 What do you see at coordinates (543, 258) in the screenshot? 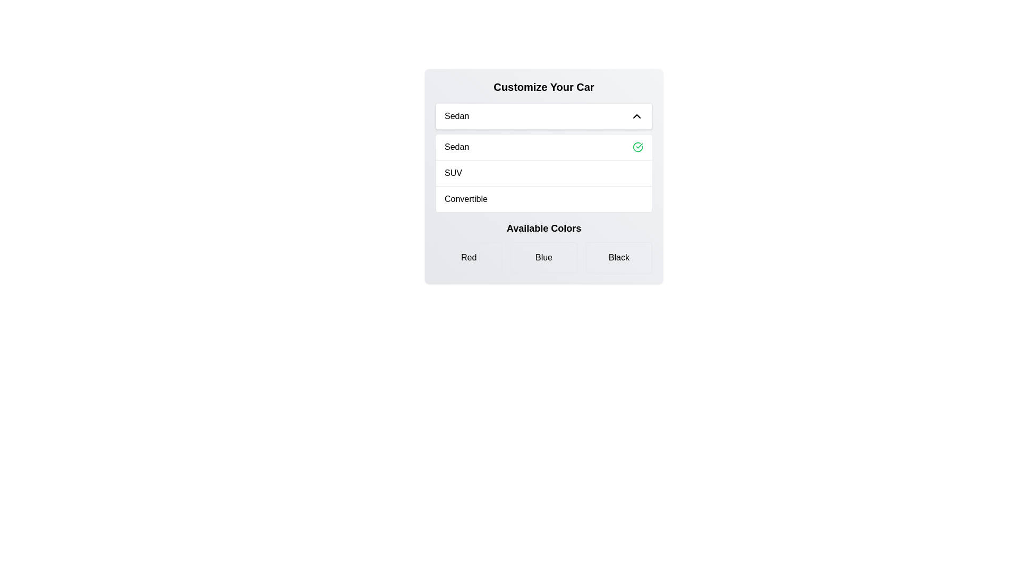
I see `the 'Blue' button` at bounding box center [543, 258].